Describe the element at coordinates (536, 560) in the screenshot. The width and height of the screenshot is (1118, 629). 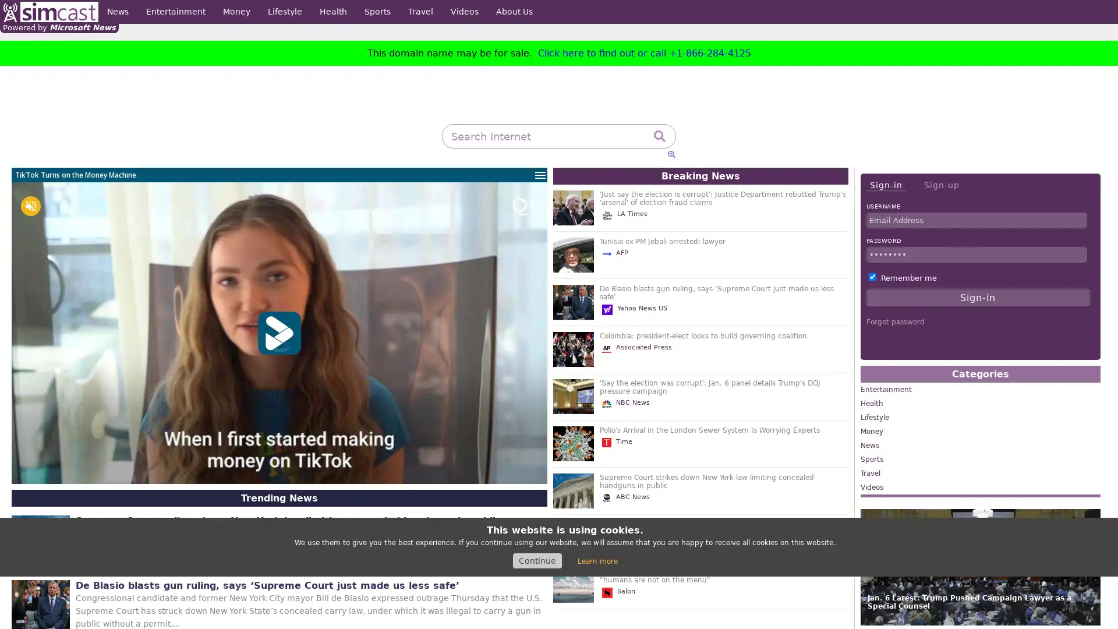
I see `Continue` at that location.